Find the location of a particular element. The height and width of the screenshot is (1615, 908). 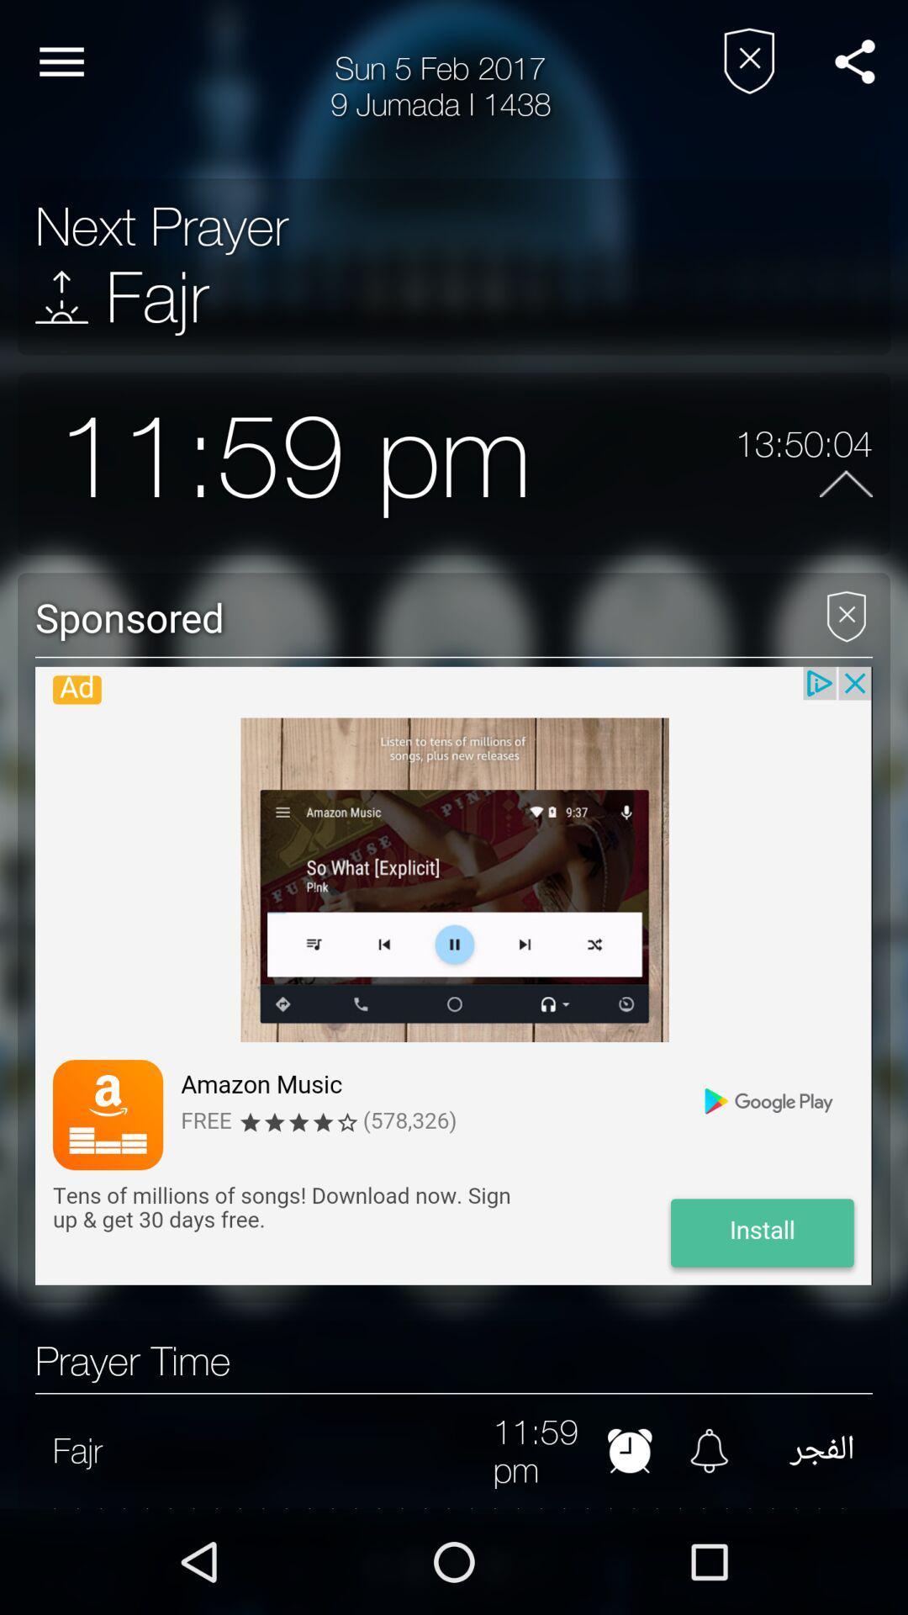

the sponsored item is located at coordinates (409, 616).